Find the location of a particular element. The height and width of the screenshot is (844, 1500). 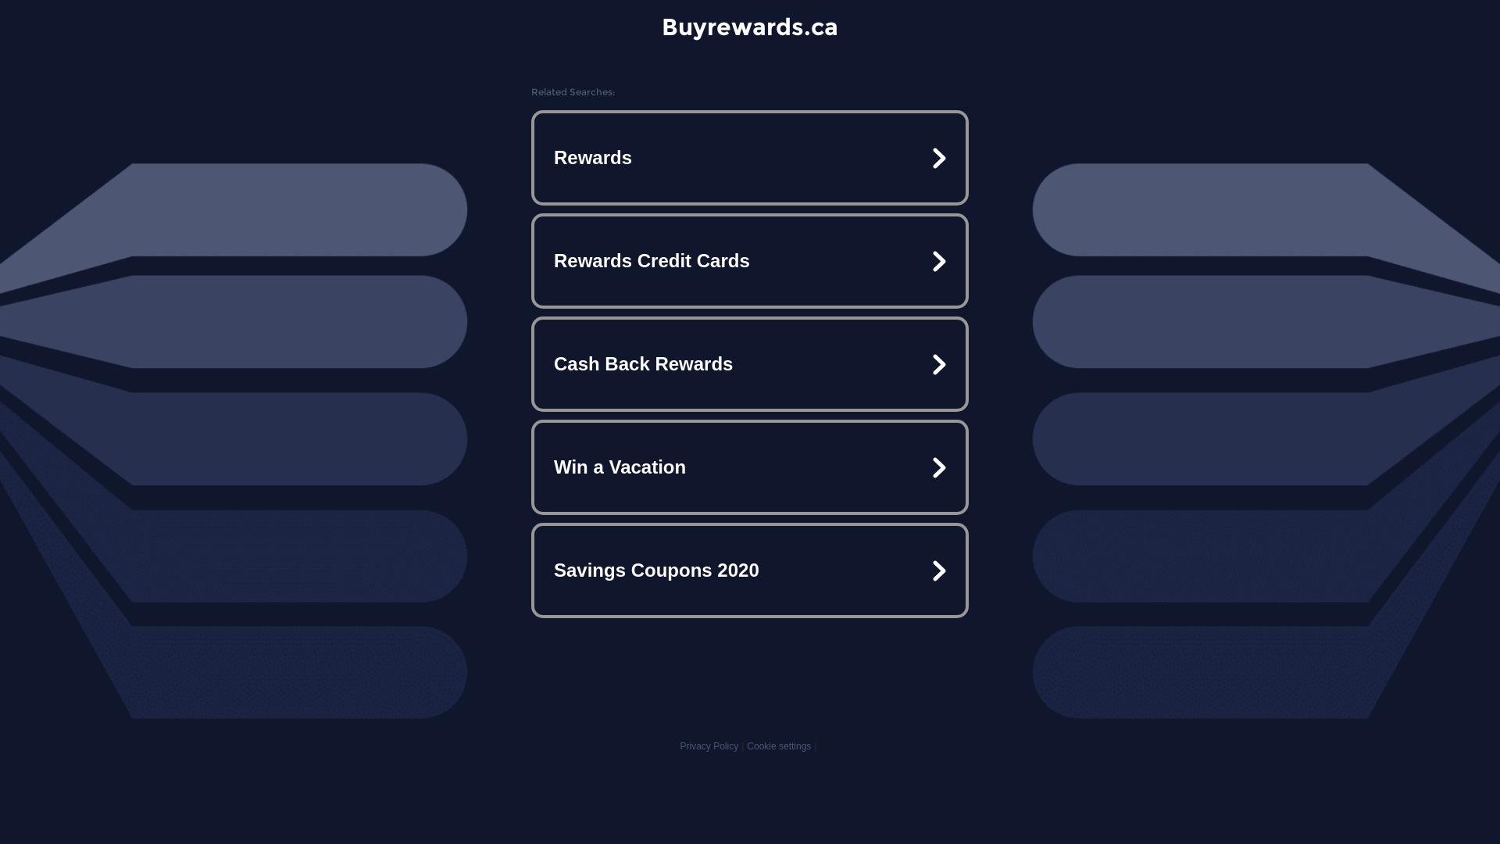

'Savings Coupons 2020' is located at coordinates (534, 570).